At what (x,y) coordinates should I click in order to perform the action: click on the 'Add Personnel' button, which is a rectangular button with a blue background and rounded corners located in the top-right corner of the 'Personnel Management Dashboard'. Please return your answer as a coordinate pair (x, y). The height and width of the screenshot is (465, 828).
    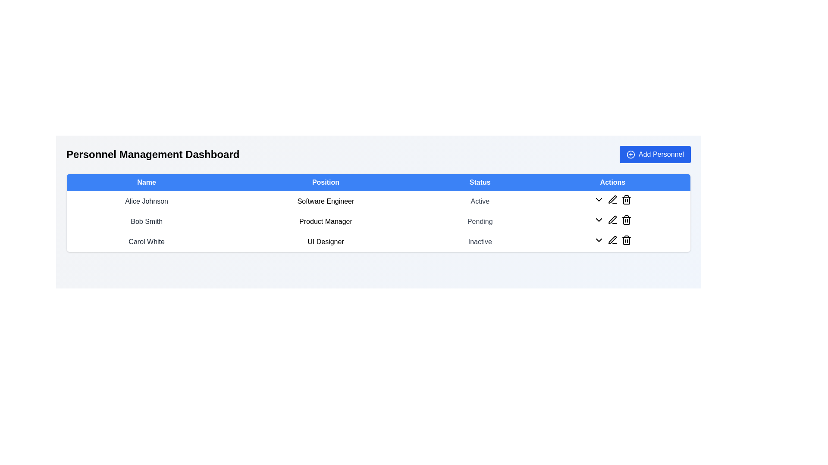
    Looking at the image, I should click on (655, 154).